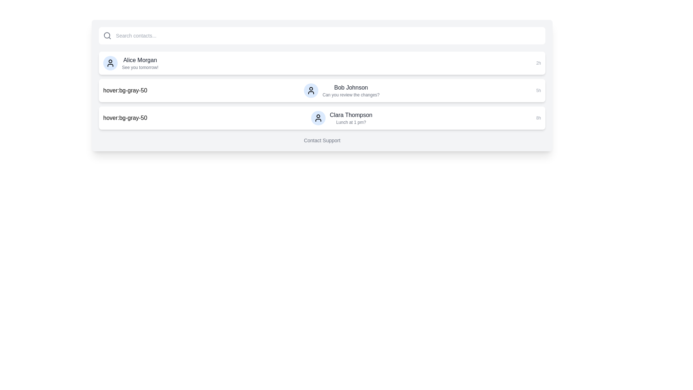 This screenshot has height=390, width=693. I want to click on the text block displaying the name and message preview in the conversation list, which is the second entry below 'Alice Morgan' and above 'Clara Thompson', so click(351, 90).